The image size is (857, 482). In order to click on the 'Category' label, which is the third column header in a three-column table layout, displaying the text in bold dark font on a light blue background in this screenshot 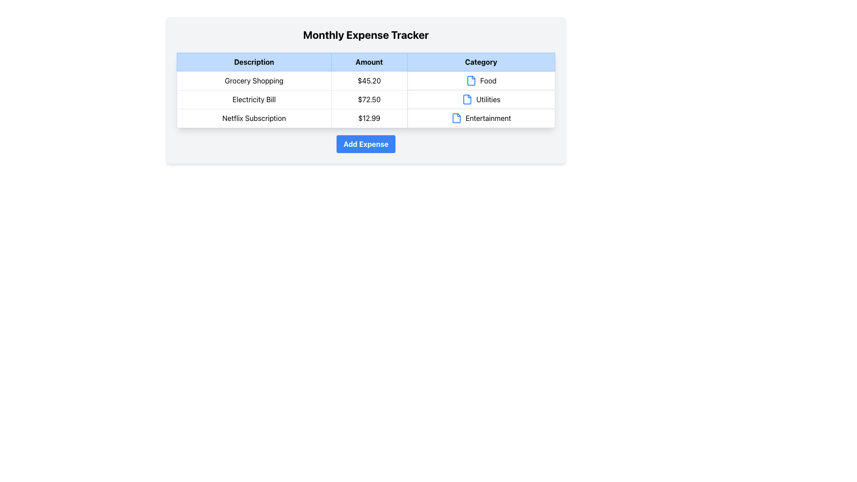, I will do `click(480, 61)`.